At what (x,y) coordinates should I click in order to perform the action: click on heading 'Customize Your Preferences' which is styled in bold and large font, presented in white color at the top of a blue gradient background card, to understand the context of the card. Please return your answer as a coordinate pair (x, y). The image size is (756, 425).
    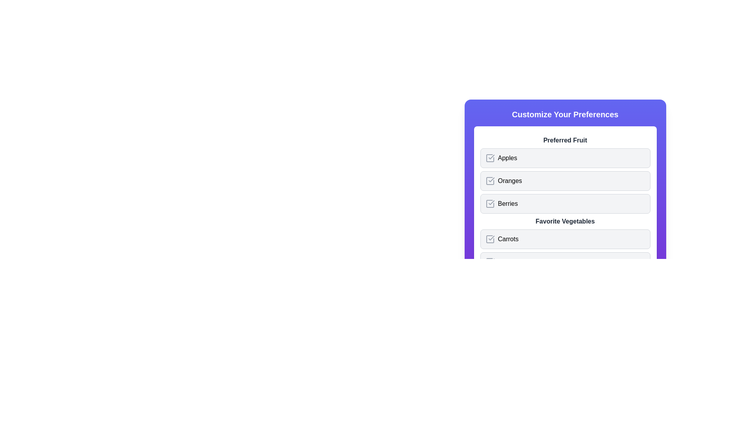
    Looking at the image, I should click on (565, 114).